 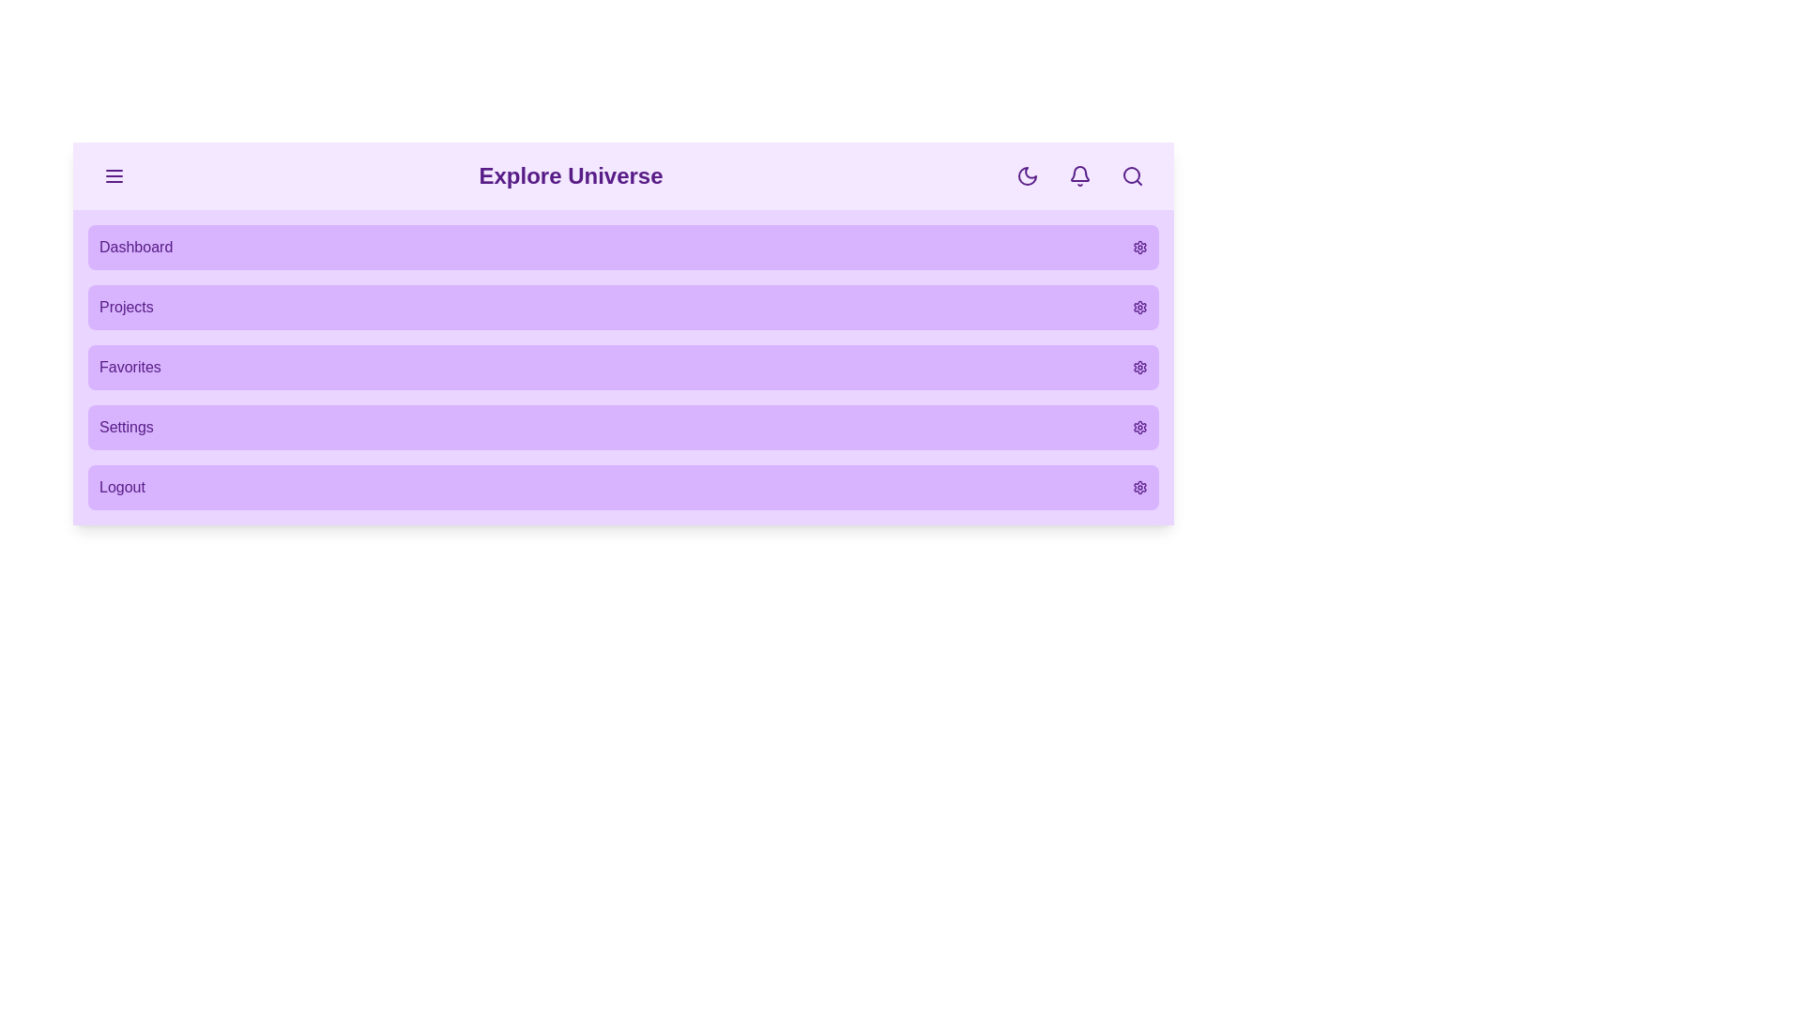 What do you see at coordinates (1080, 176) in the screenshot?
I see `the notification icon to view notifications` at bounding box center [1080, 176].